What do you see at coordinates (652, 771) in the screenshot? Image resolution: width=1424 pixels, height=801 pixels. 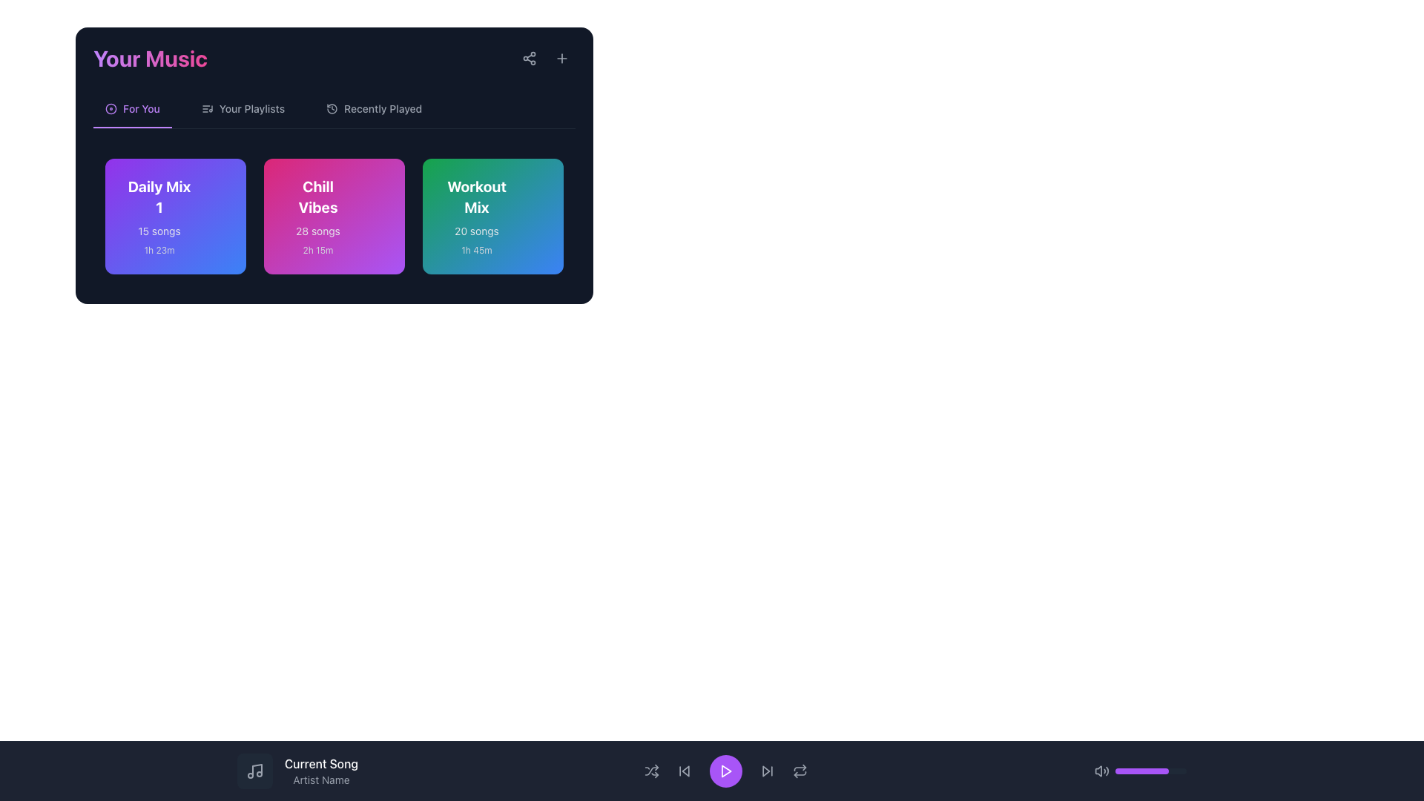 I see `the shuffle icon located in the bottom navigation bar, positioned to the left of the central play button` at bounding box center [652, 771].